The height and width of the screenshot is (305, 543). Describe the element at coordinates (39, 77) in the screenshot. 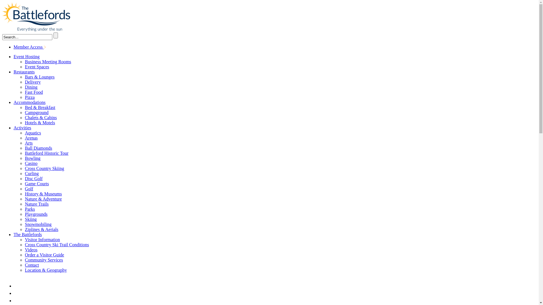

I see `'Bars & Lounges'` at that location.